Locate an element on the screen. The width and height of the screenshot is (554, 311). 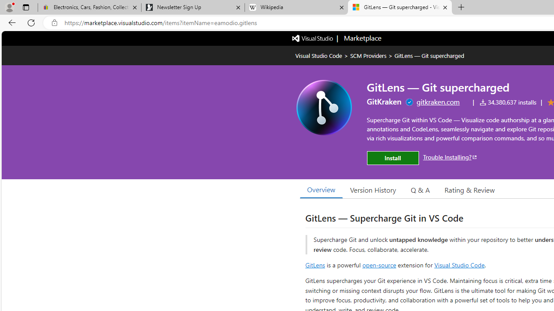
'Wikipedia' is located at coordinates (296, 7).